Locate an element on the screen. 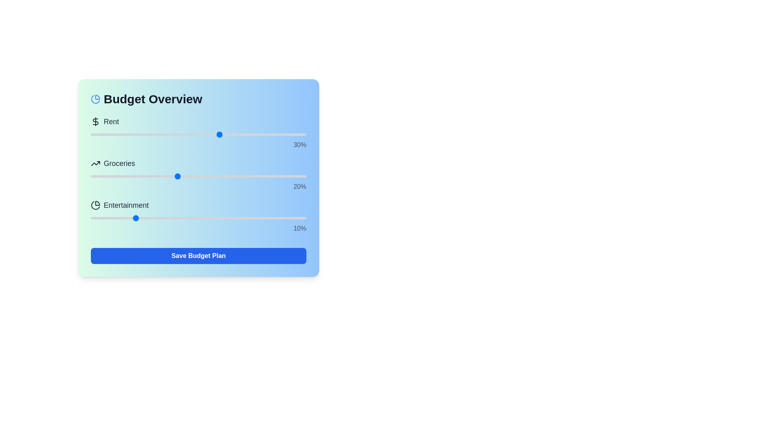 The width and height of the screenshot is (772, 434). the Rent budget allocation is located at coordinates (250, 134).